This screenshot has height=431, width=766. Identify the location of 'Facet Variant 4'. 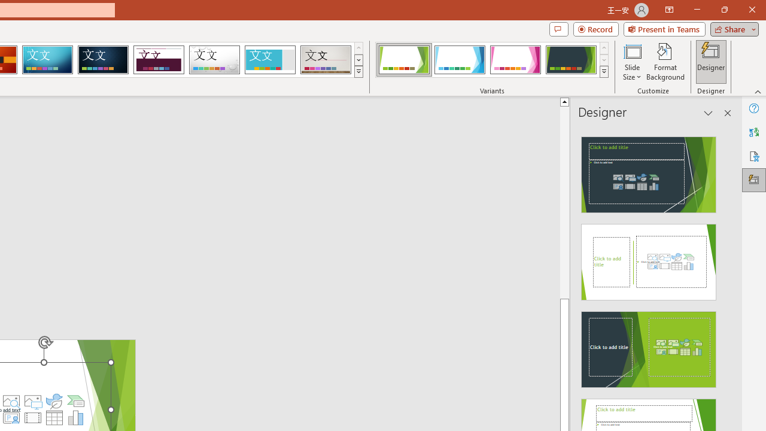
(570, 60).